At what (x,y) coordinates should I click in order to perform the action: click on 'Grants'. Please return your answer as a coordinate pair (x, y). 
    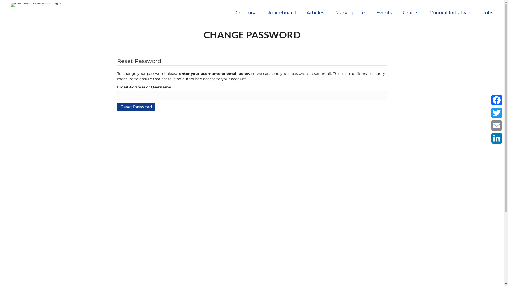
    Looking at the image, I should click on (410, 12).